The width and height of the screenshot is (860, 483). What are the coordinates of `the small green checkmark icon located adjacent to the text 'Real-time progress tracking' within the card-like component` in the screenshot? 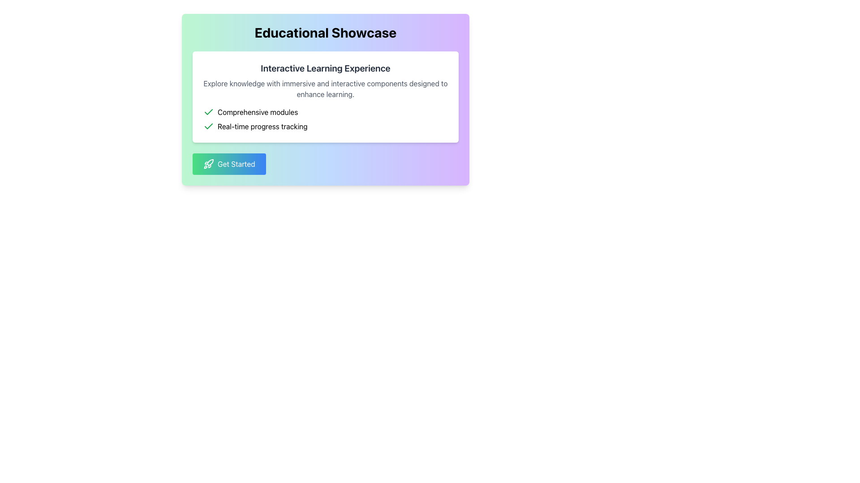 It's located at (208, 111).